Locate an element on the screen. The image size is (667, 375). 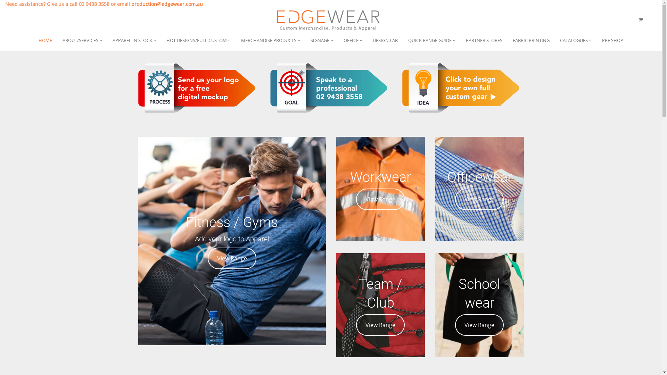
'SIGNAGE' is located at coordinates (305, 40).